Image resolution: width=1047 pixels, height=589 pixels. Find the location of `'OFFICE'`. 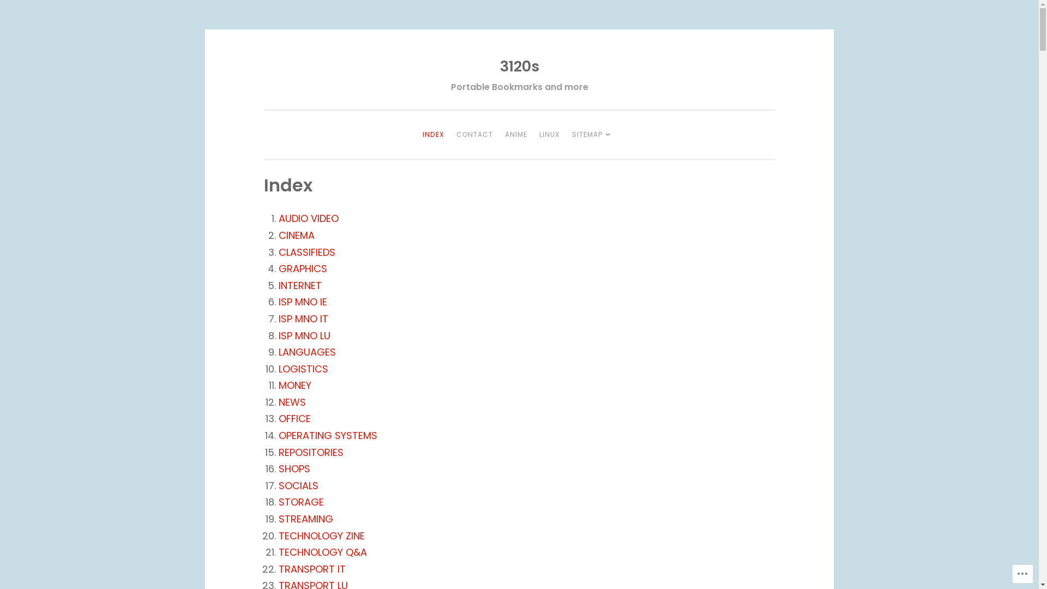

'OFFICE' is located at coordinates (294, 418).